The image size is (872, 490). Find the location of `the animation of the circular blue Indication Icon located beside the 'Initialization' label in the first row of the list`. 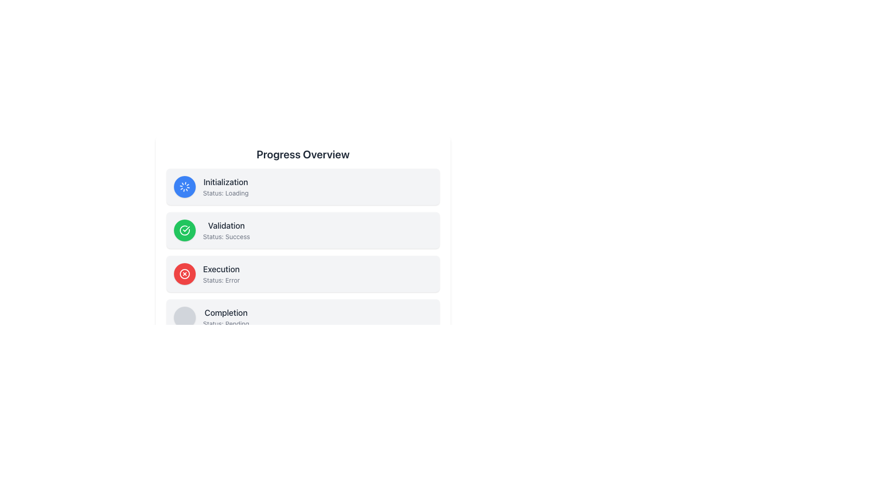

the animation of the circular blue Indication Icon located beside the 'Initialization' label in the first row of the list is located at coordinates (184, 186).